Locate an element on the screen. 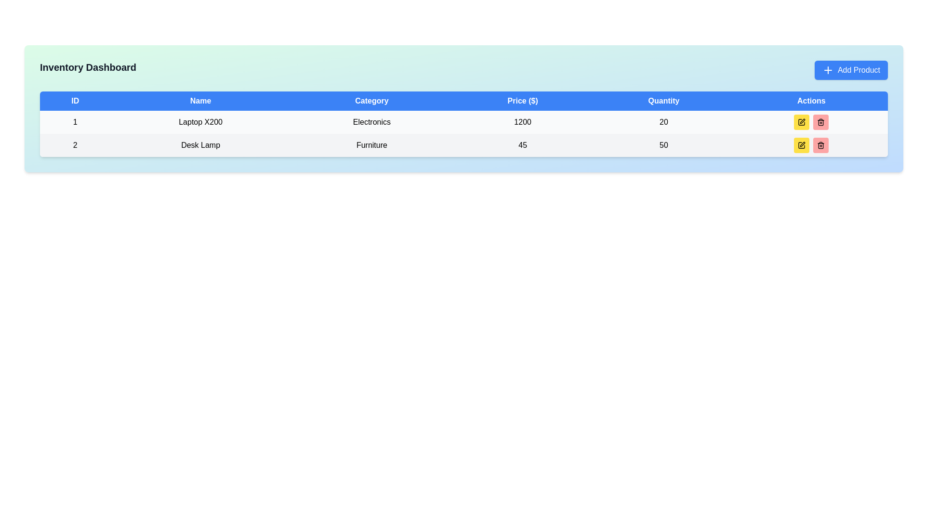  text content of the 'Quantity' cell displaying the value '20' for the item 'Laptop X200' in the table is located at coordinates (663, 122).